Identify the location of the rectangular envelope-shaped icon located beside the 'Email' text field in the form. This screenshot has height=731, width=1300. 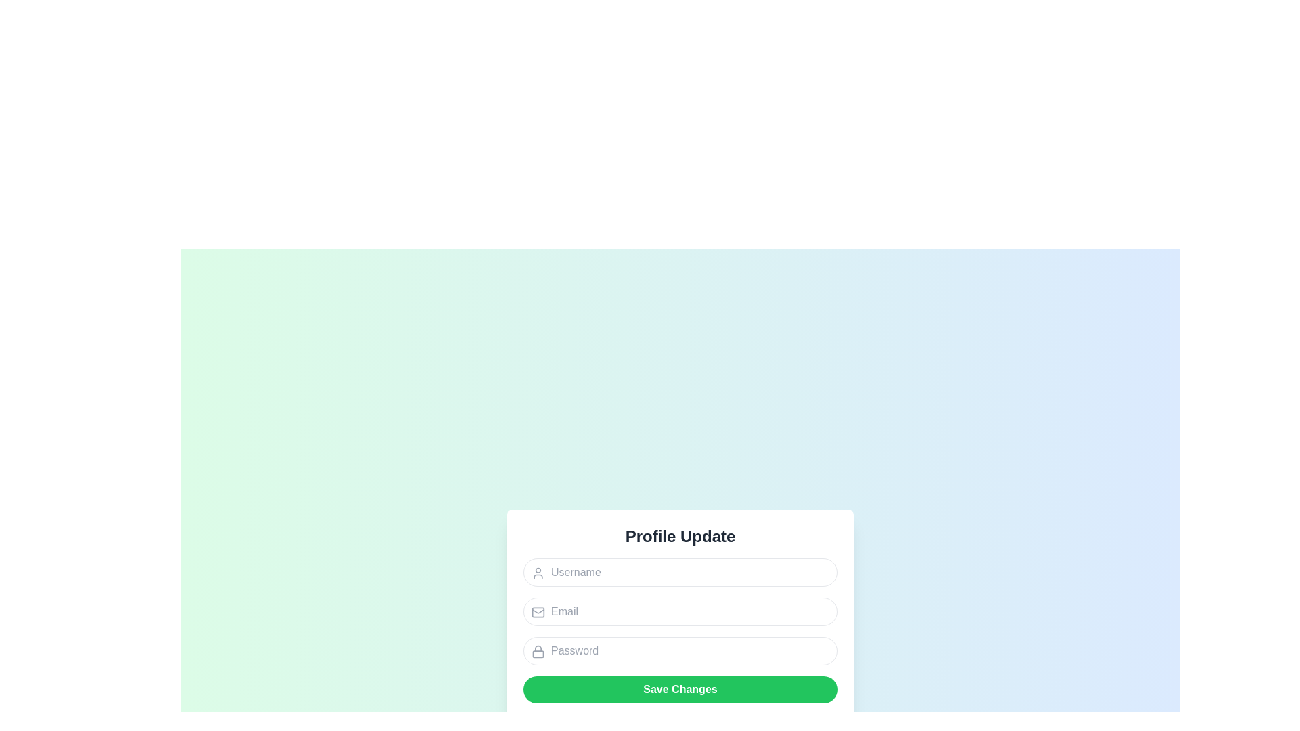
(538, 613).